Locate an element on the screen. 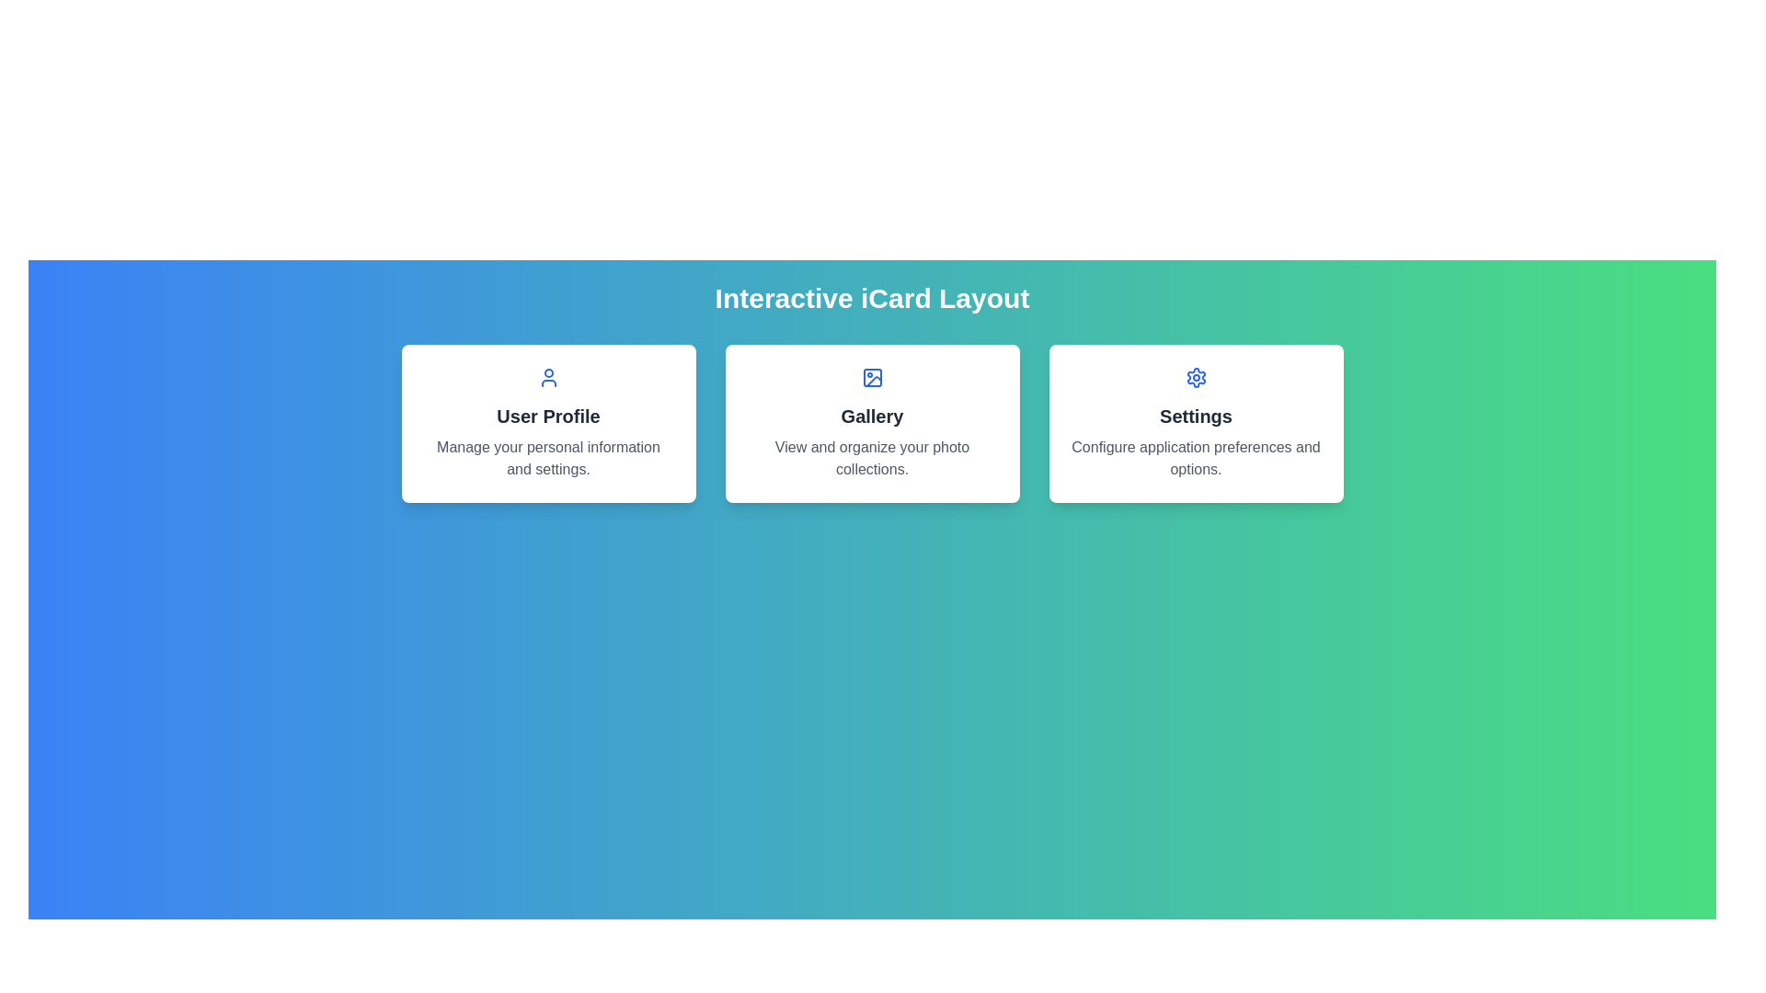 This screenshot has width=1766, height=993. the text label that says 'Configure application preferences and options.' which is styled in gray, centered within the 'Settings' card is located at coordinates (1196, 457).